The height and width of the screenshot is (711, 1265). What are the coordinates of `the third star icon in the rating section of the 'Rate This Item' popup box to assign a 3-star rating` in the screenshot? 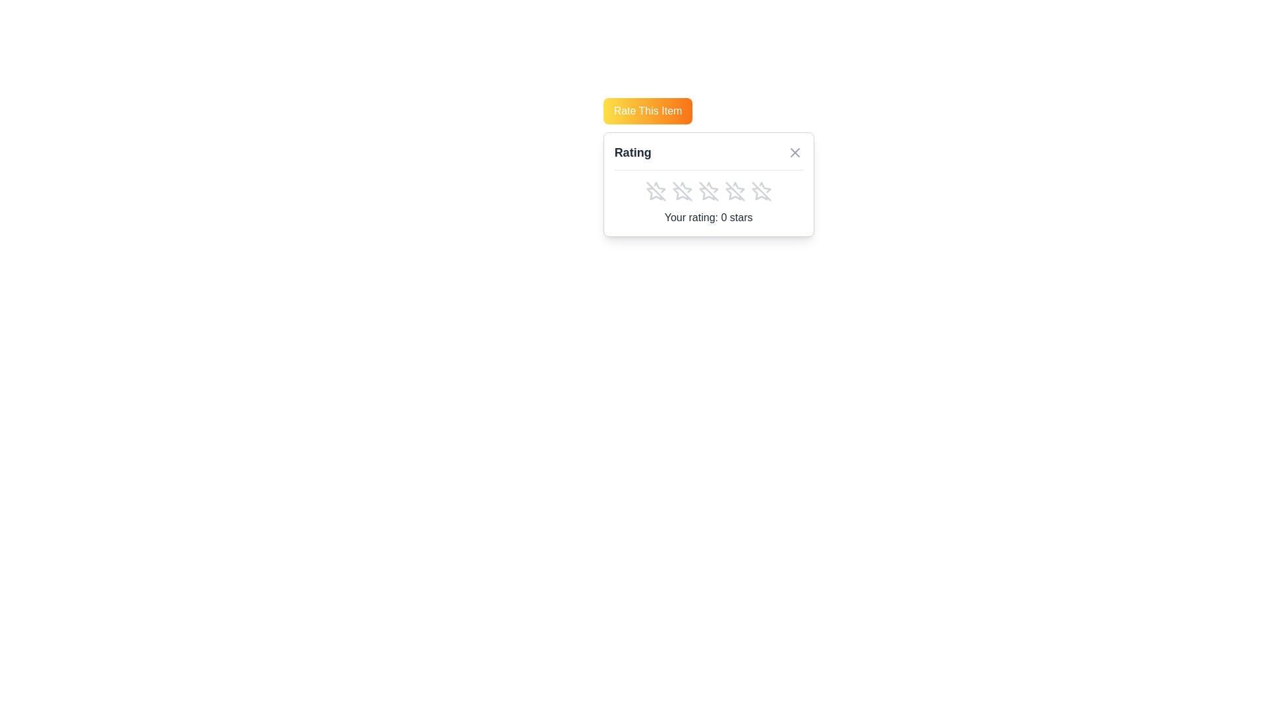 It's located at (708, 191).